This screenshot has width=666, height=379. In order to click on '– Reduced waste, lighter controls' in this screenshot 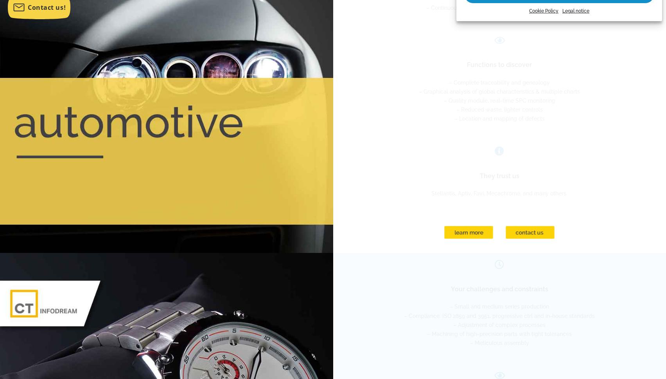, I will do `click(499, 109)`.